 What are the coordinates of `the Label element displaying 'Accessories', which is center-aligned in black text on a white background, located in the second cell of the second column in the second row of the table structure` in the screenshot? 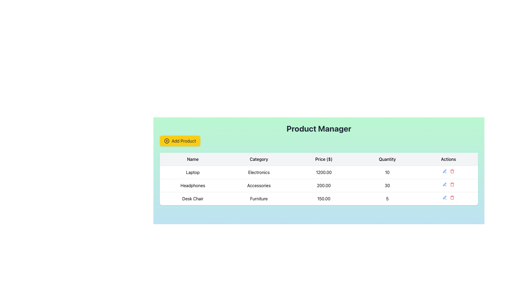 It's located at (259, 185).